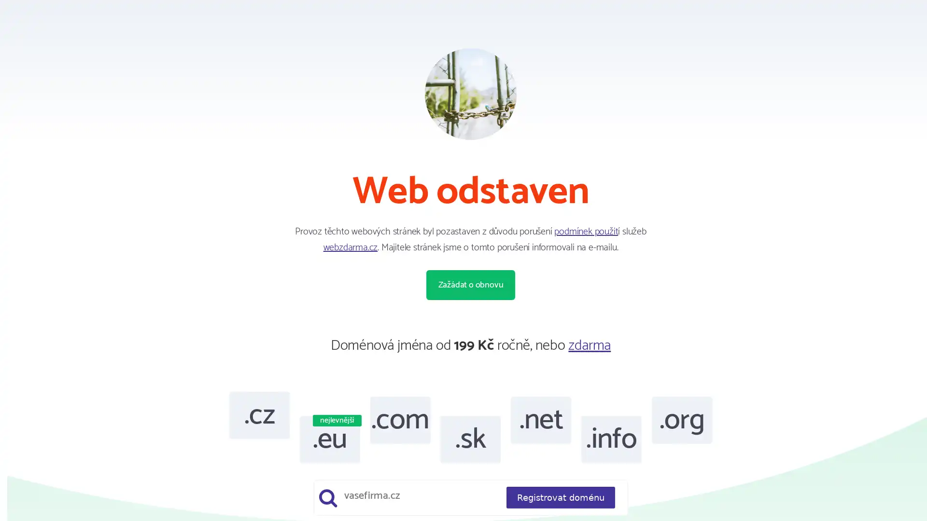 The image size is (927, 521). I want to click on Registrovat domenu, so click(560, 497).